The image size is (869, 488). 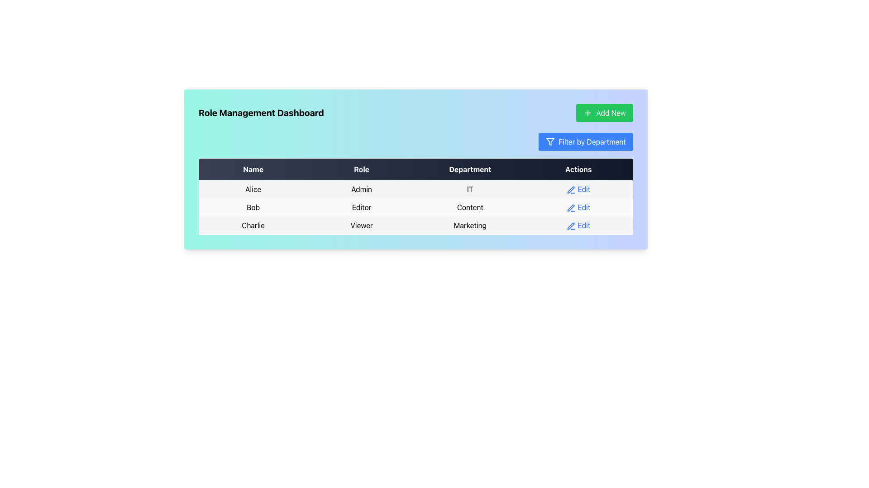 What do you see at coordinates (261, 113) in the screenshot?
I see `the title/header text indicating 'Role Management Dashboard', which serves as a navigational or contextual identifier for the page` at bounding box center [261, 113].